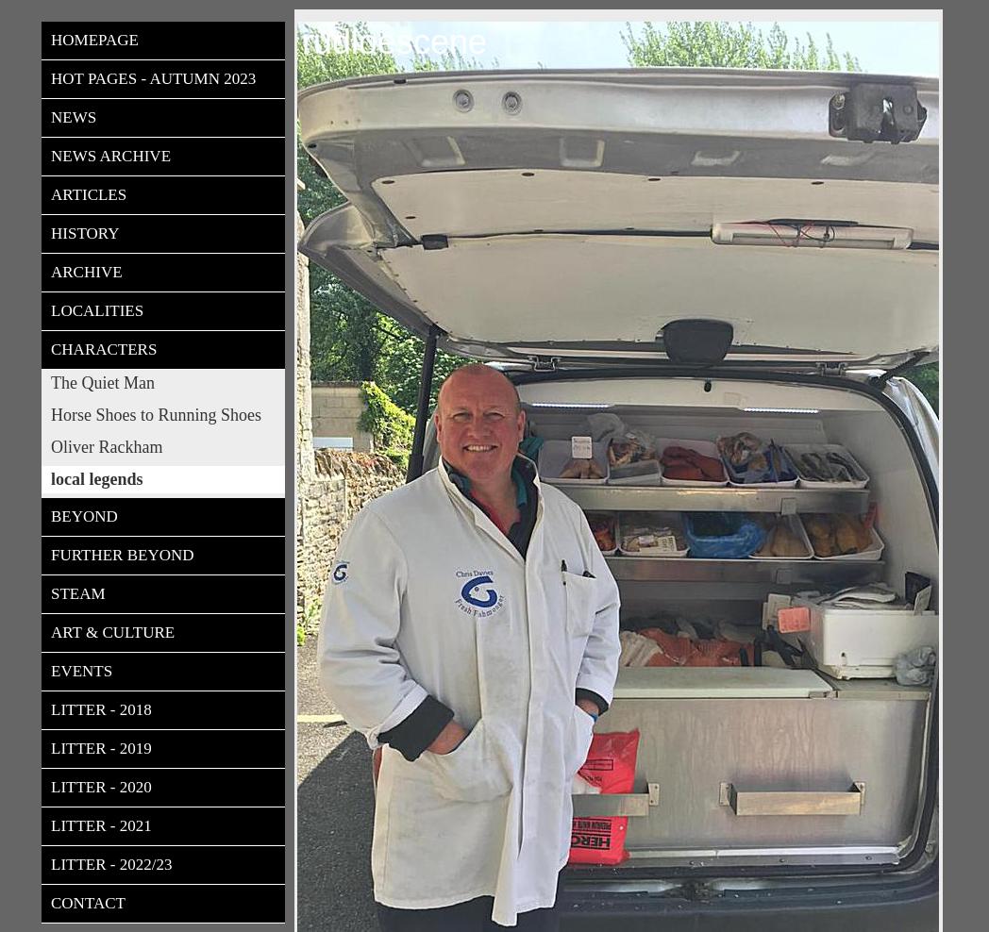  What do you see at coordinates (100, 824) in the screenshot?
I see `'Litter - 2021'` at bounding box center [100, 824].